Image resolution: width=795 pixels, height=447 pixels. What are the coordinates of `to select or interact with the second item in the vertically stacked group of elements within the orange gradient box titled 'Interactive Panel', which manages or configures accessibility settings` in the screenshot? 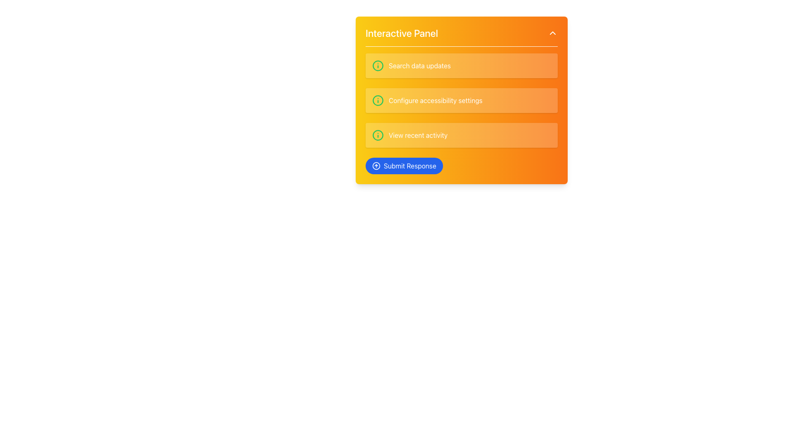 It's located at (461, 100).